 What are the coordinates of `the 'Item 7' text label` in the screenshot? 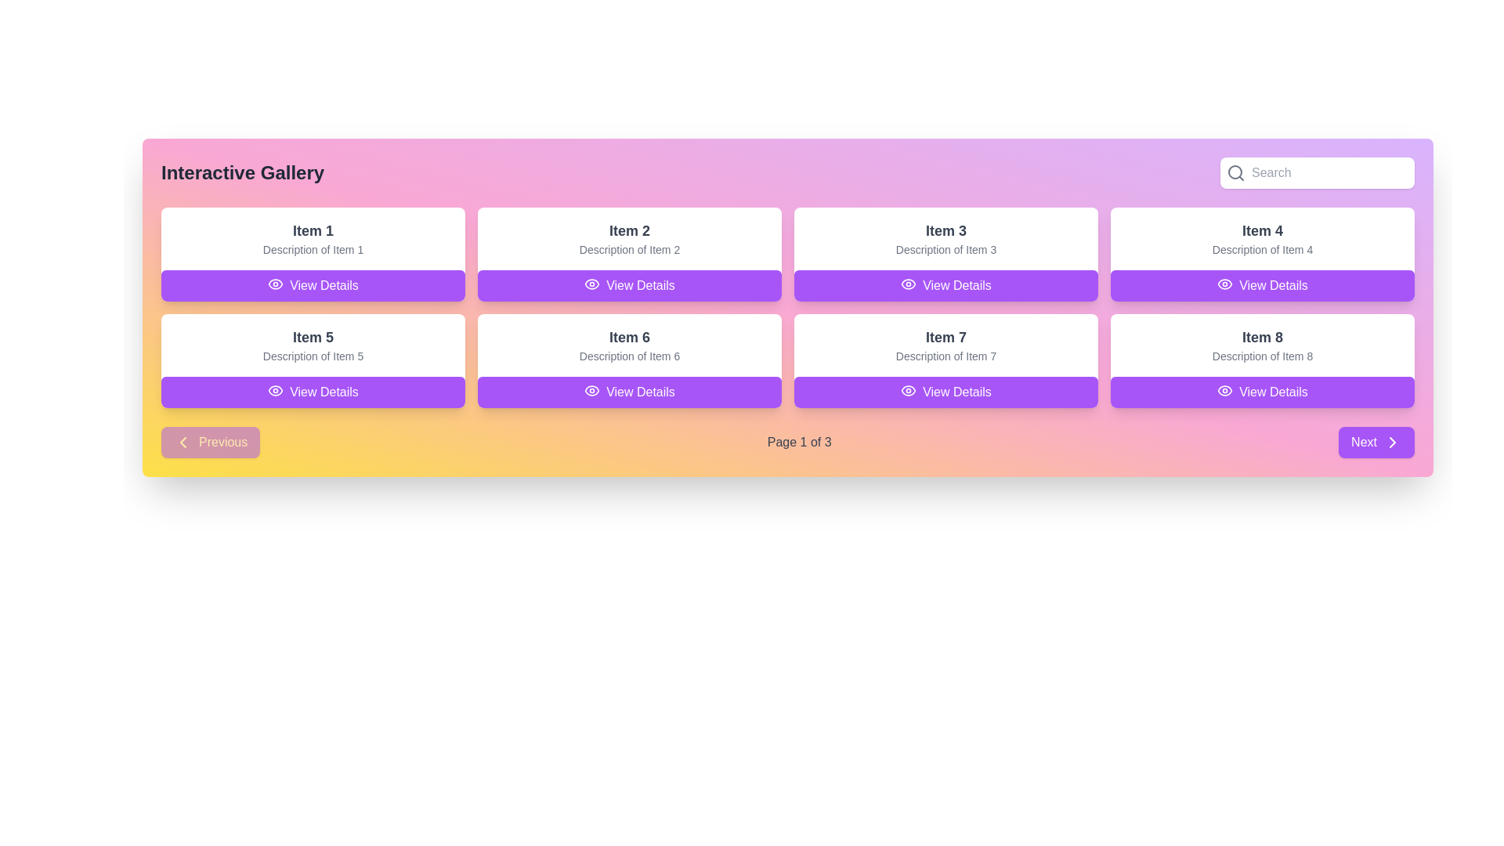 It's located at (945, 337).